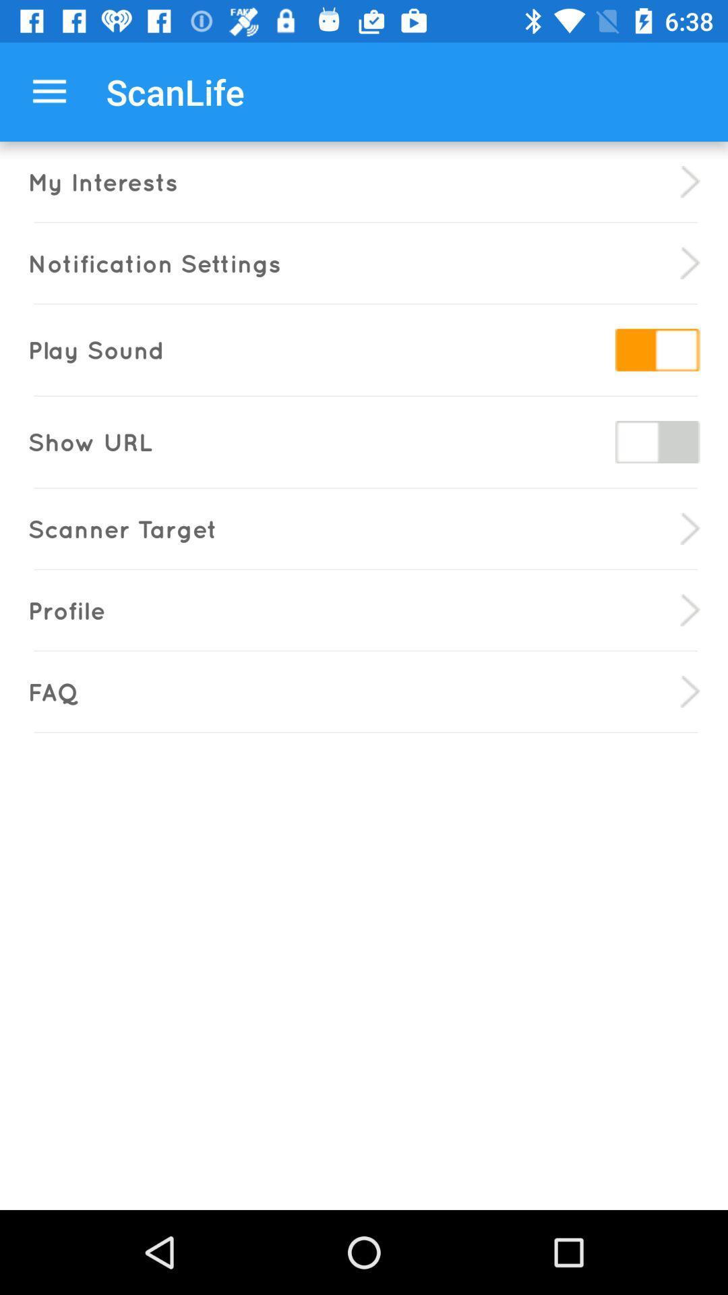  What do you see at coordinates (657, 349) in the screenshot?
I see `sound on/off` at bounding box center [657, 349].